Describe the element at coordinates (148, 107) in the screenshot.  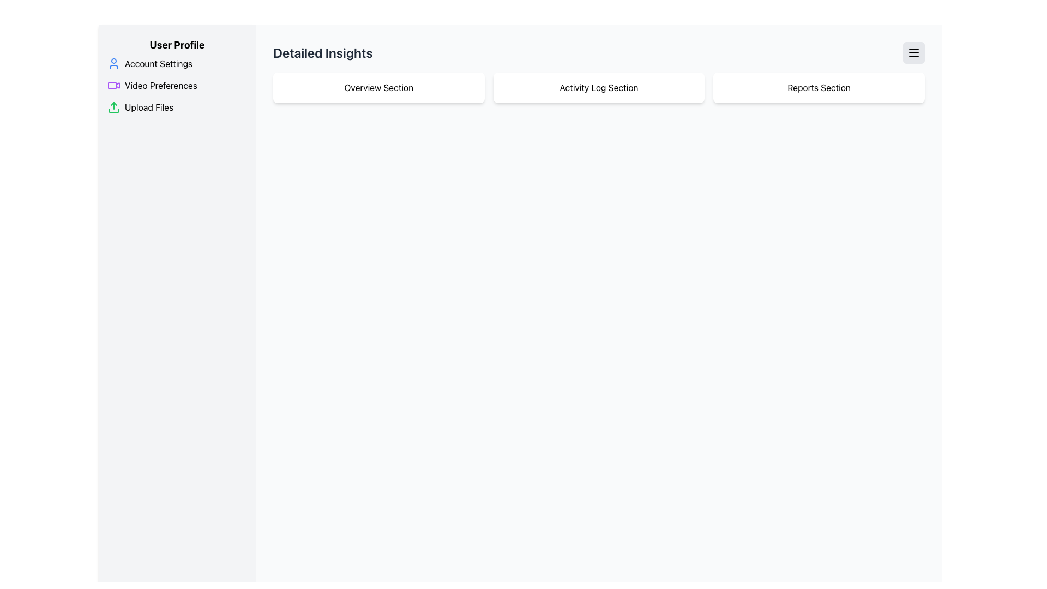
I see `text of the label indicating the upload files feature, located in the third position under the 'User Profile' section in the sidebar` at that location.